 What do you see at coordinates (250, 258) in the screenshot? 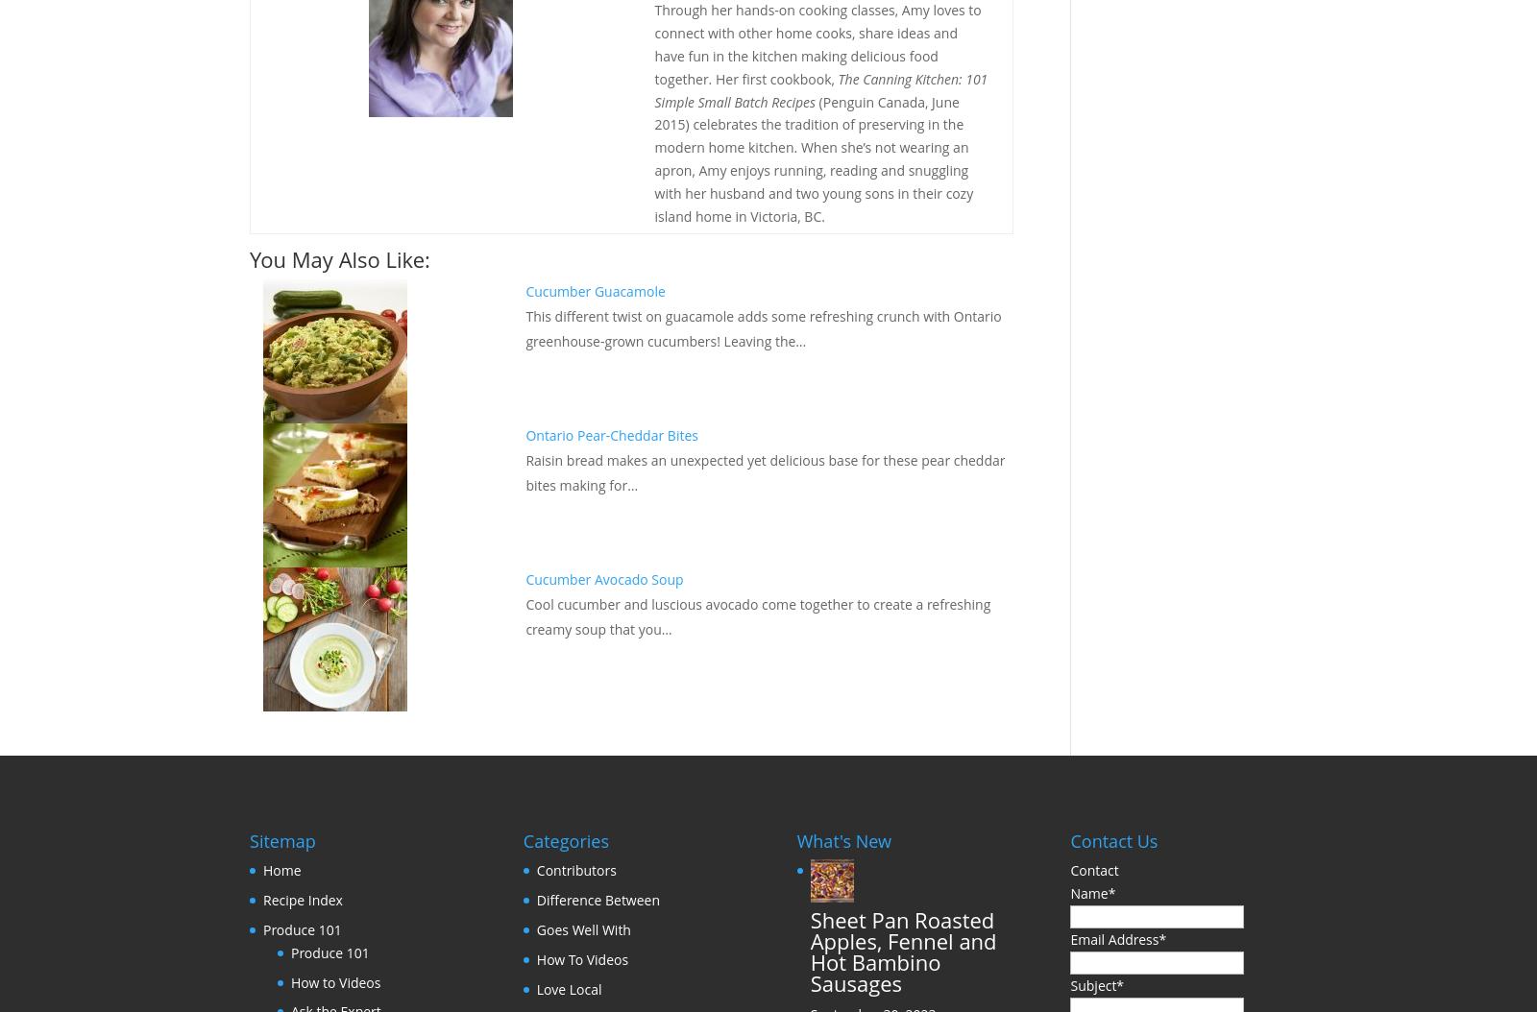
I see `'You May Also Like:'` at bounding box center [250, 258].